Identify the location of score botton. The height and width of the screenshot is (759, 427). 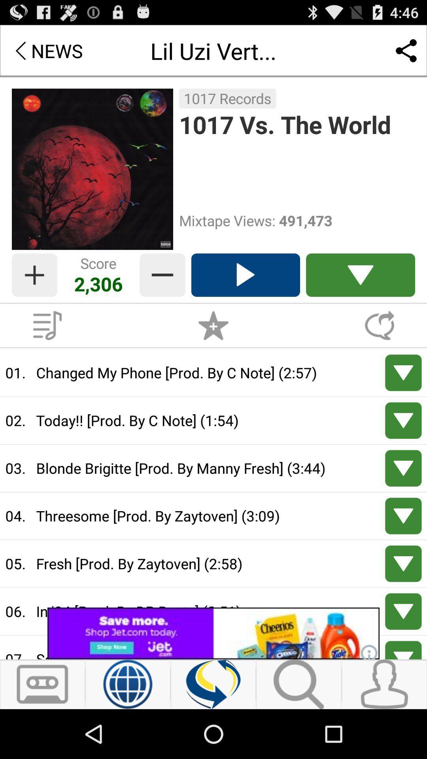
(34, 275).